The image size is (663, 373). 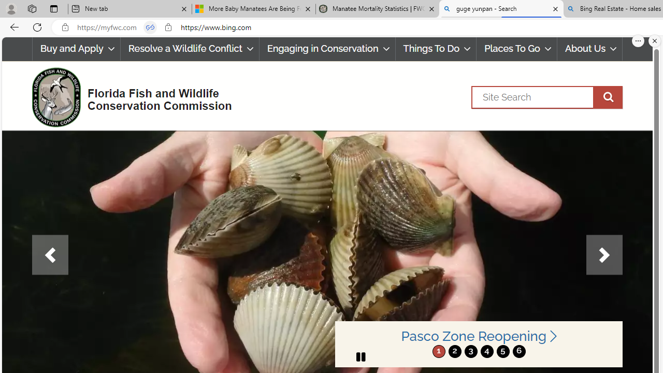 What do you see at coordinates (327, 49) in the screenshot?
I see `'Engaging in Conservation'` at bounding box center [327, 49].